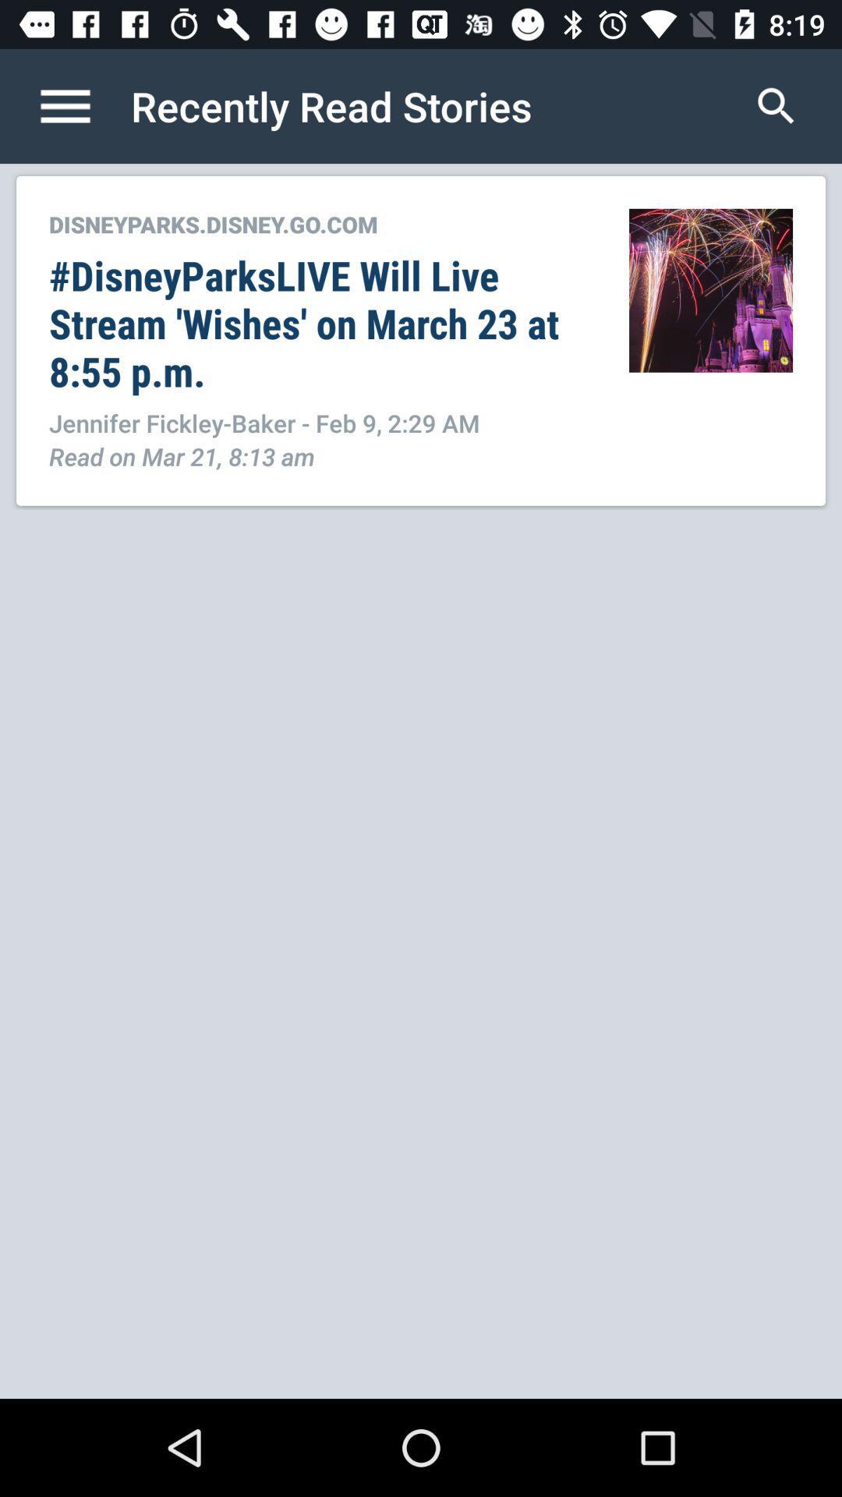  I want to click on the disneyparkslive will live, so click(321, 322).